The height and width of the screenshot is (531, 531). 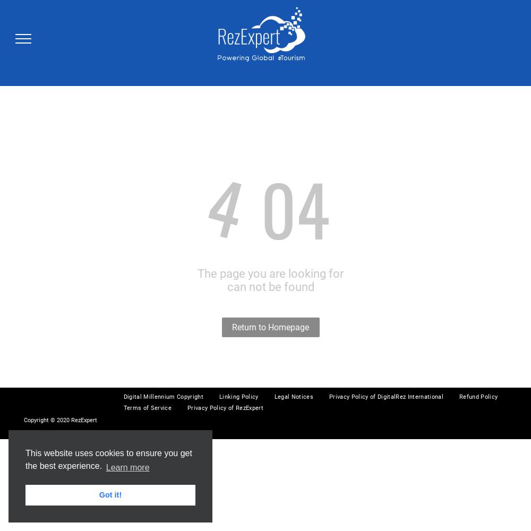 I want to click on 'Linking Policy', so click(x=238, y=396).